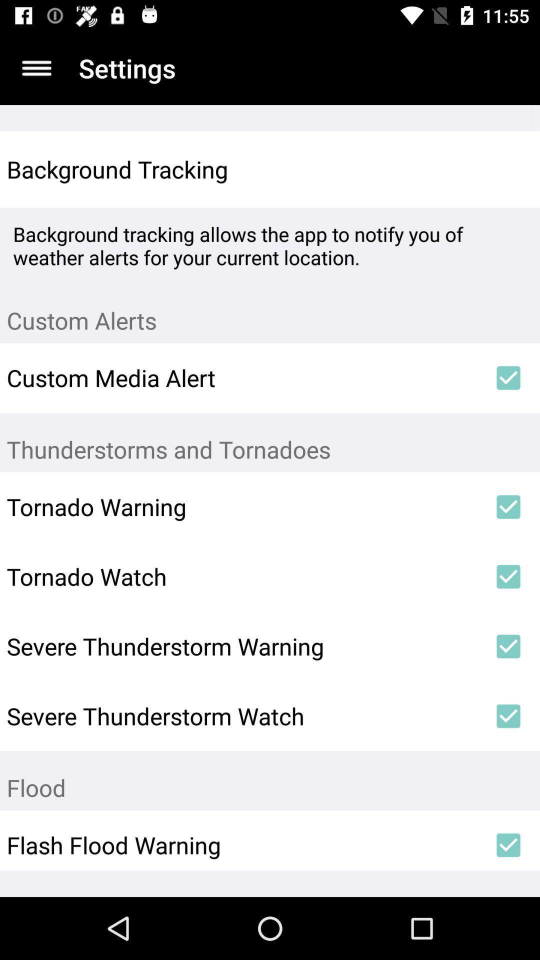 The image size is (540, 960). I want to click on icon above background tracking allows item, so click(508, 169).